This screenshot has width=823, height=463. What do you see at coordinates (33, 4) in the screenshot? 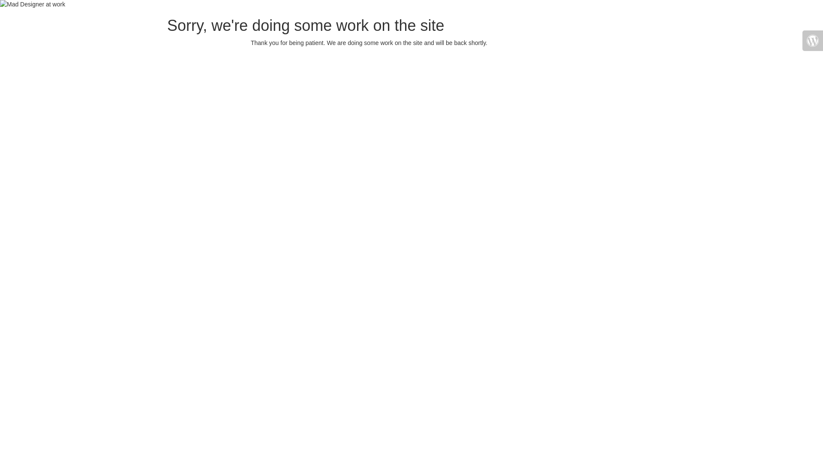
I see `'Mad Designer at work'` at bounding box center [33, 4].